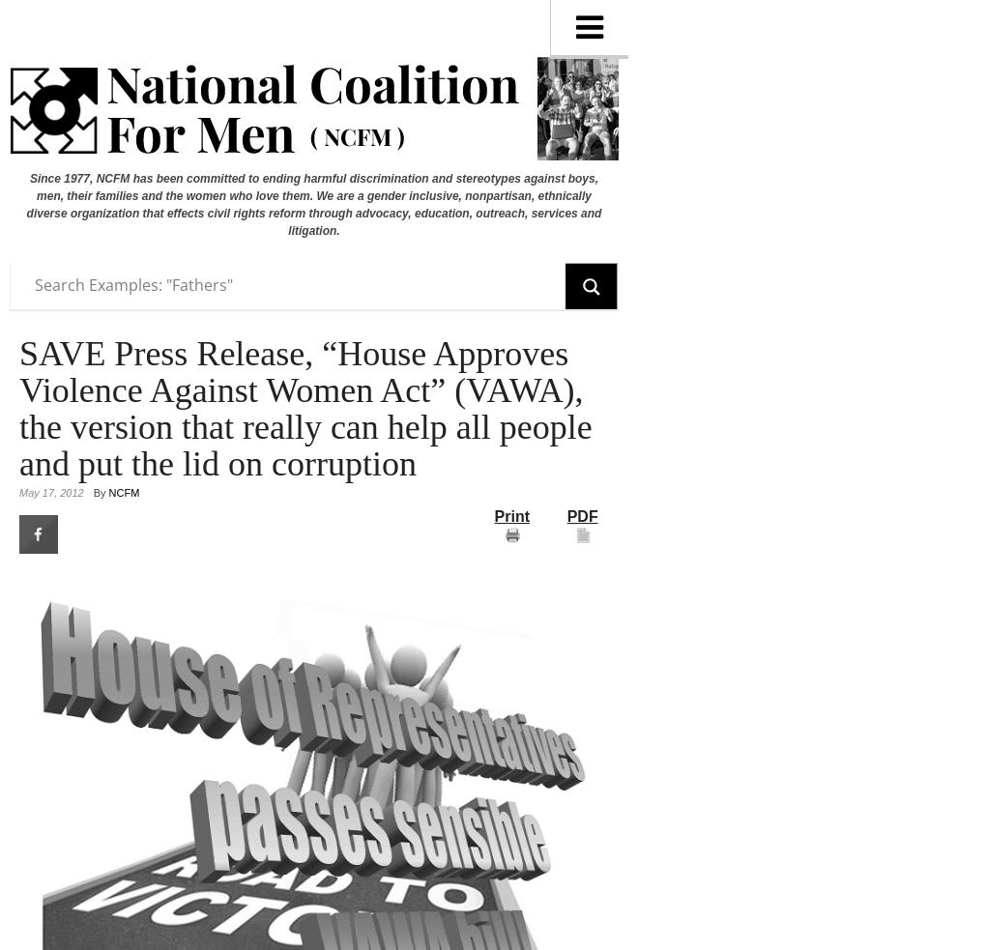  I want to click on 'Print', so click(510, 515).